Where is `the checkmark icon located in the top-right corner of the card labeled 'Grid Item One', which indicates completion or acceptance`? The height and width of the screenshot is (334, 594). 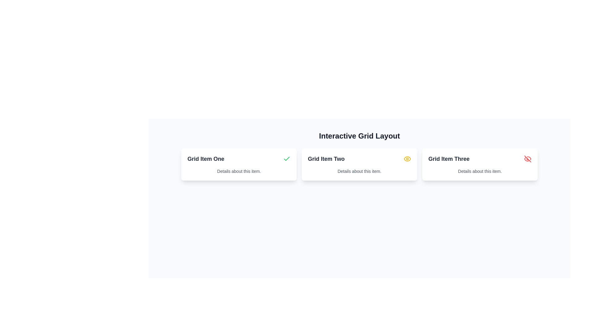
the checkmark icon located in the top-right corner of the card labeled 'Grid Item One', which indicates completion or acceptance is located at coordinates (286, 158).